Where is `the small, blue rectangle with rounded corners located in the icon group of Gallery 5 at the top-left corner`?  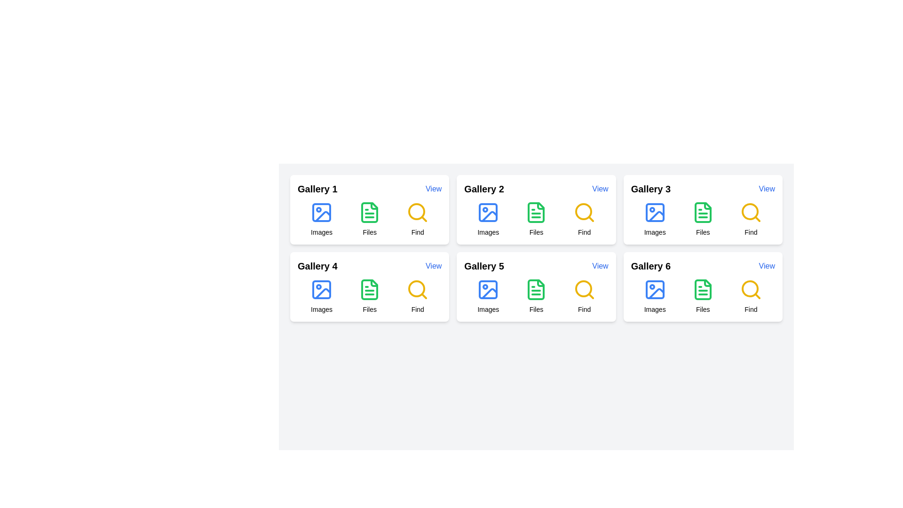 the small, blue rectangle with rounded corners located in the icon group of Gallery 5 at the top-left corner is located at coordinates (488, 289).